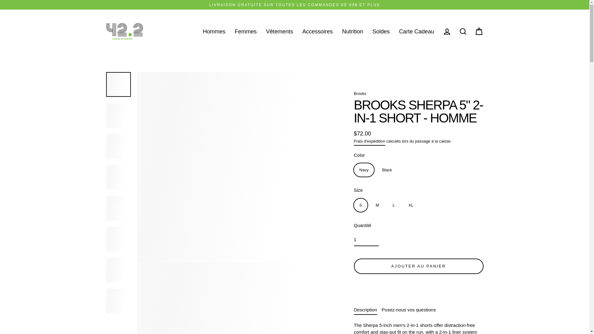 This screenshot has height=334, width=594. What do you see at coordinates (214, 31) in the screenshot?
I see `'Hommes'` at bounding box center [214, 31].